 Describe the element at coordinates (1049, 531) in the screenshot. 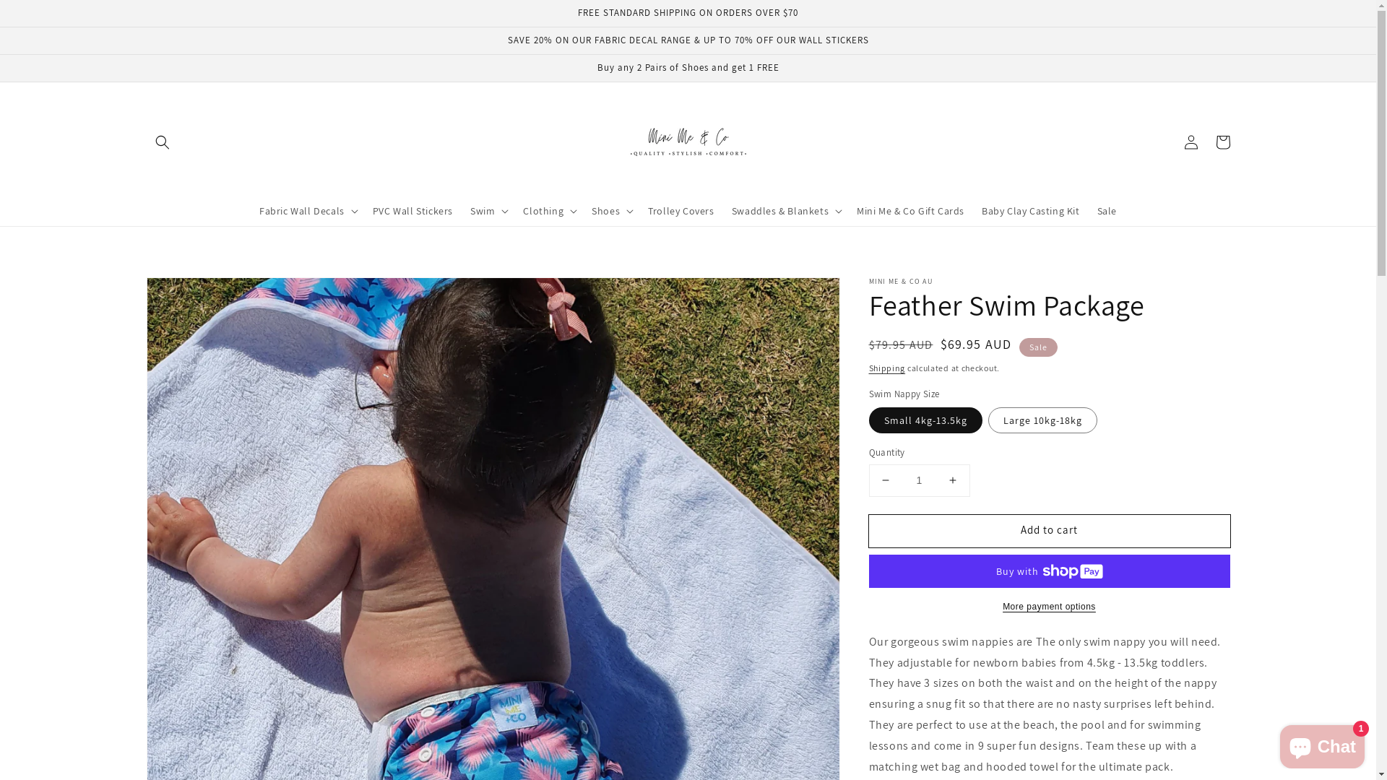

I see `'Add to cart'` at that location.